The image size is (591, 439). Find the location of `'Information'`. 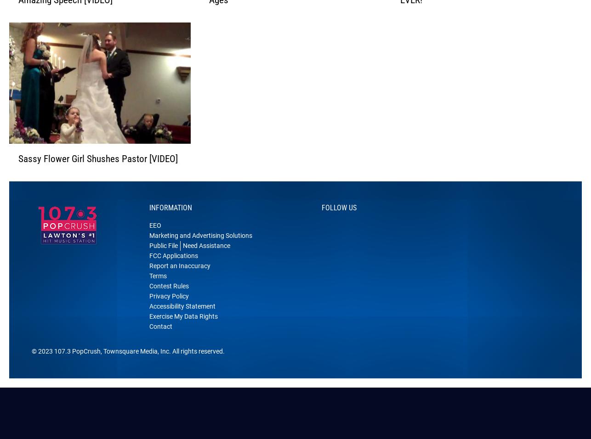

'Information' is located at coordinates (170, 219).